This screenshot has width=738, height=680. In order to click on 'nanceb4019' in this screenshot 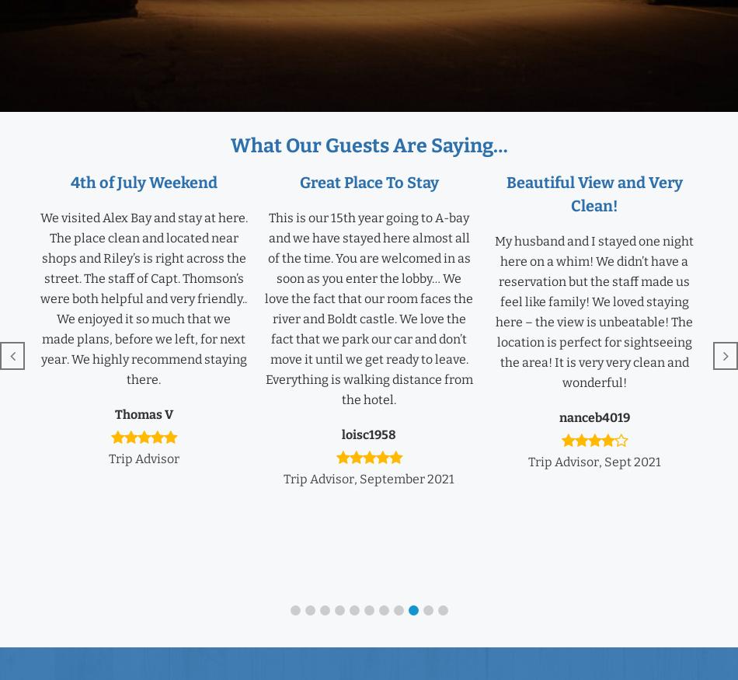, I will do `click(593, 417)`.